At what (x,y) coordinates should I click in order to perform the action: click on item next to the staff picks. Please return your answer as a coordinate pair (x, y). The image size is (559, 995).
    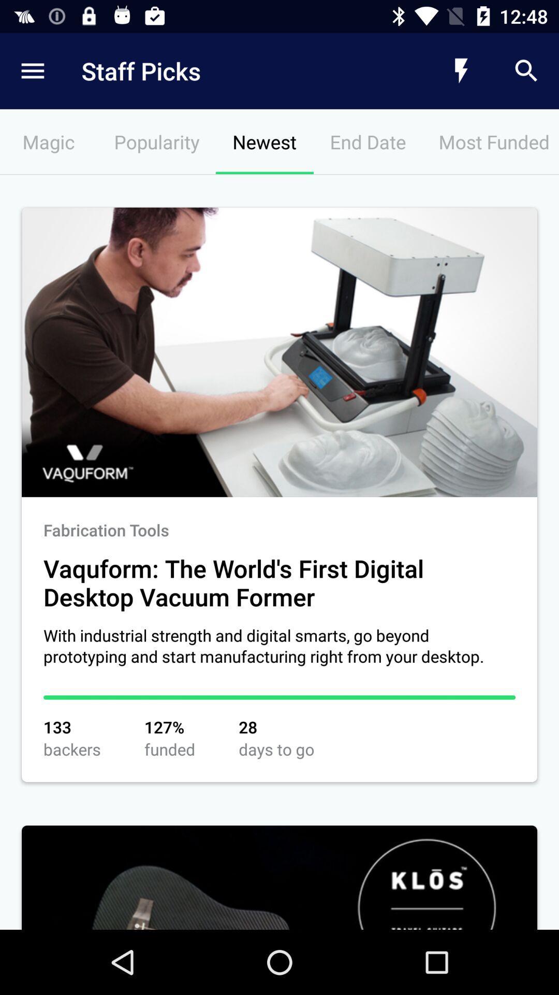
    Looking at the image, I should click on (32, 70).